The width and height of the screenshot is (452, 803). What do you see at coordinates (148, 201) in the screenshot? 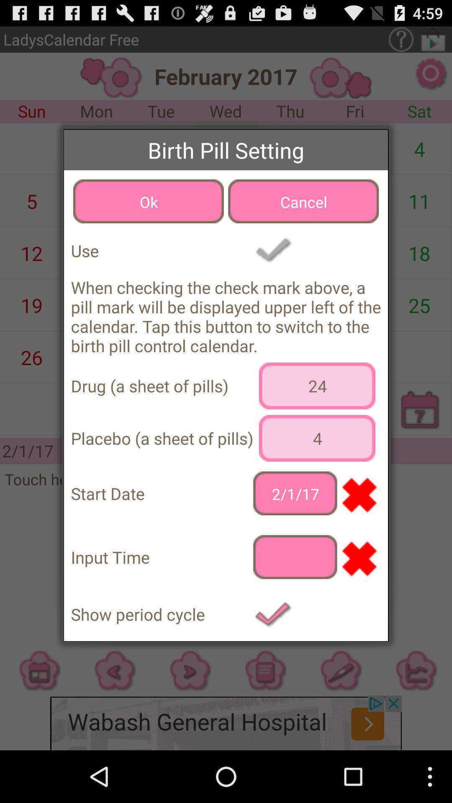
I see `ok` at bounding box center [148, 201].